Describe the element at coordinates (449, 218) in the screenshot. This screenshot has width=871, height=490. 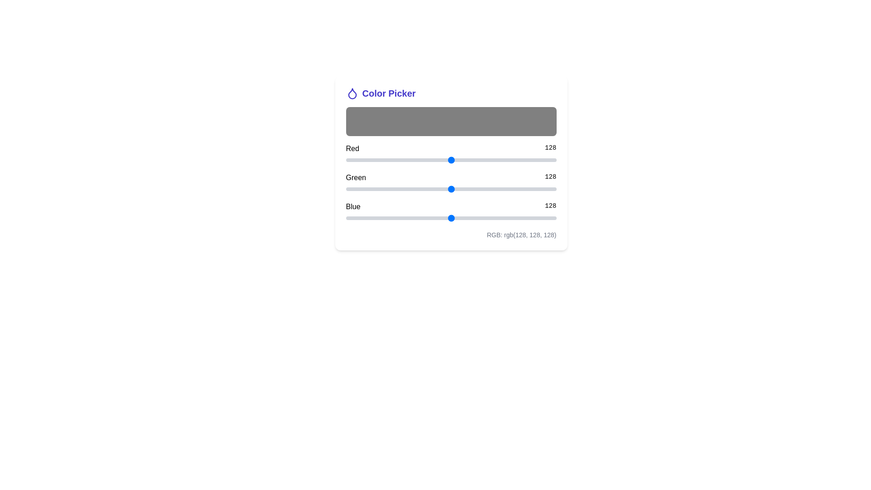
I see `the blue slider to set the blue component to 125` at that location.